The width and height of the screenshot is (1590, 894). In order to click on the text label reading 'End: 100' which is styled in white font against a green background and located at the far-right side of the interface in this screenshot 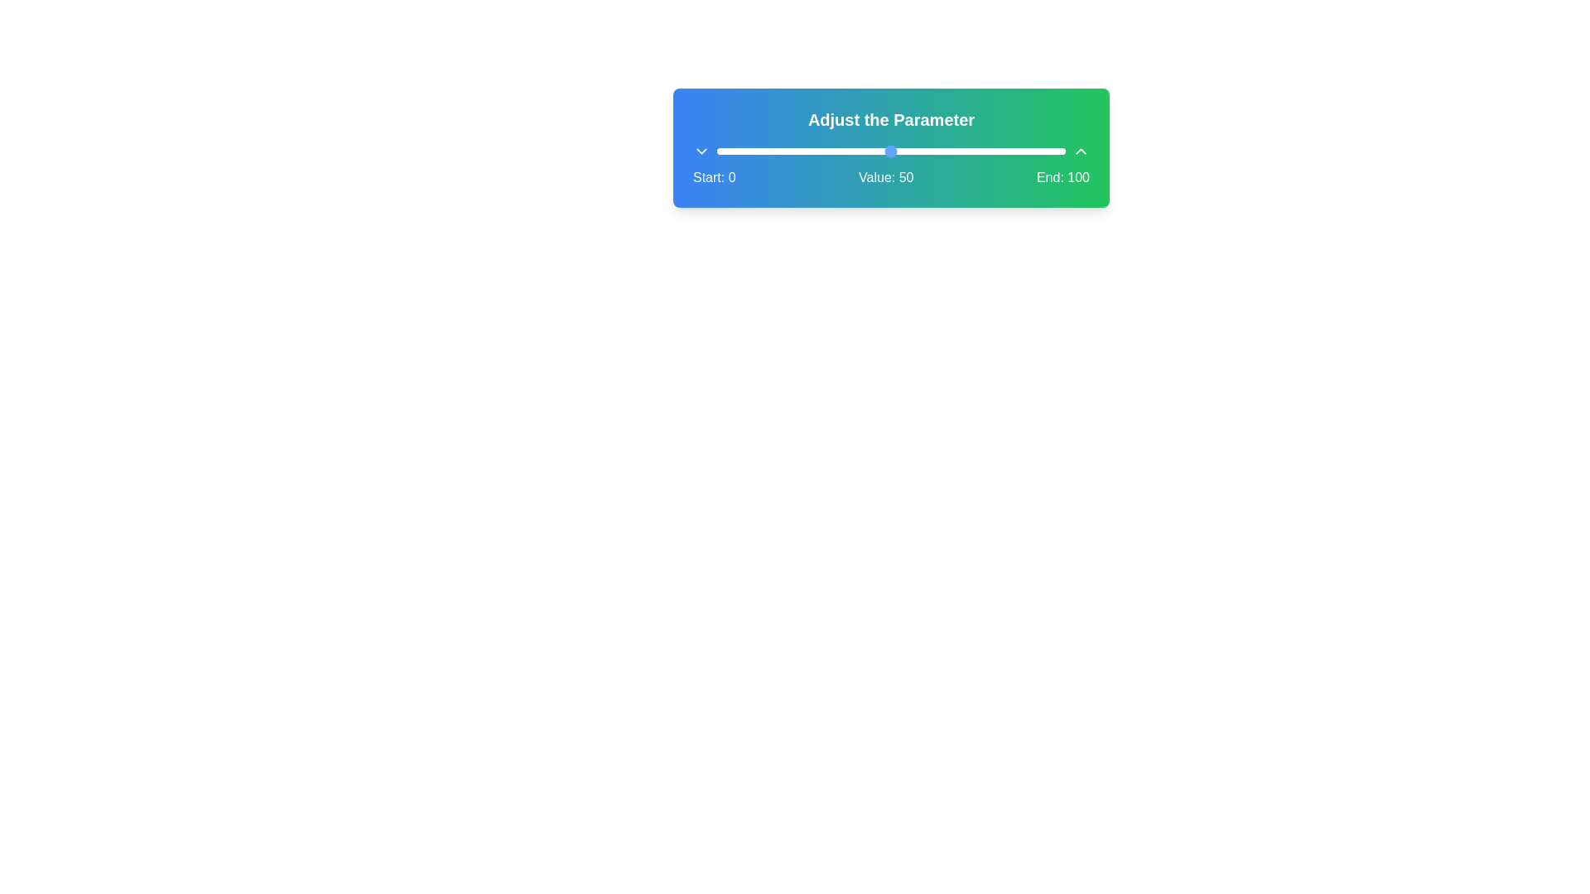, I will do `click(1062, 178)`.